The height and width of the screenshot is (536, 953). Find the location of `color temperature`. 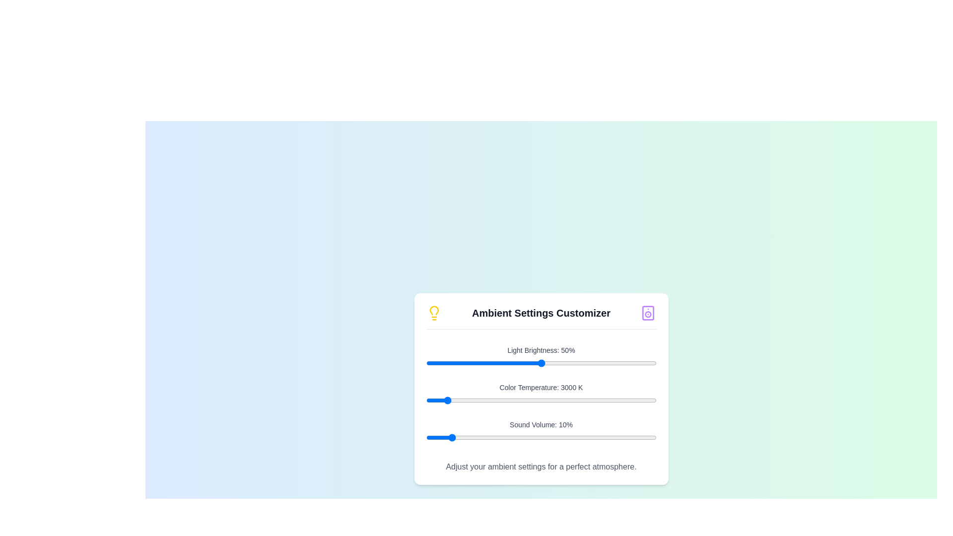

color temperature is located at coordinates (517, 400).